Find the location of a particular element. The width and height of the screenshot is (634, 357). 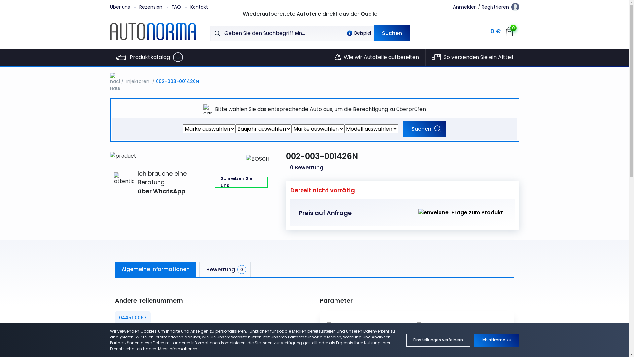

'Rezension' is located at coordinates (139, 7).